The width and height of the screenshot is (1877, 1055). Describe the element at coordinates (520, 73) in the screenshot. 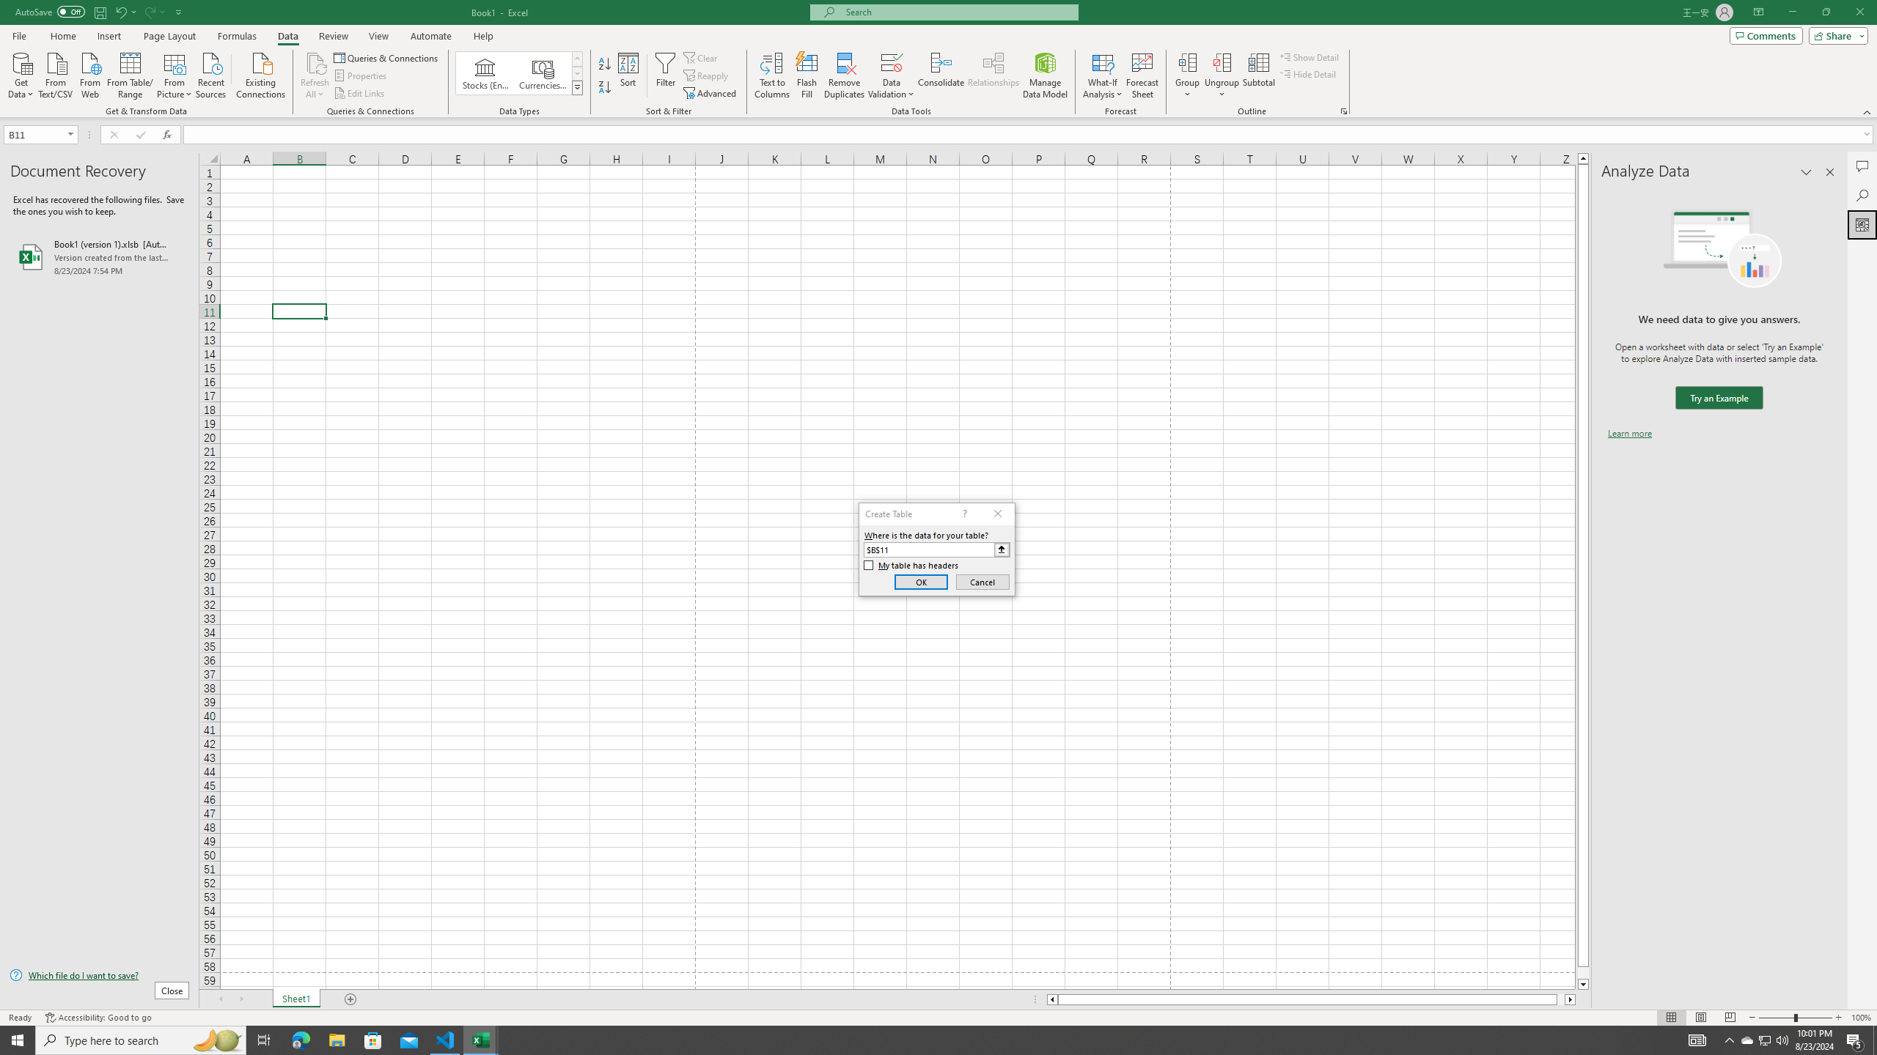

I see `'AutomationID: ConvertToLinkedEntity'` at that location.